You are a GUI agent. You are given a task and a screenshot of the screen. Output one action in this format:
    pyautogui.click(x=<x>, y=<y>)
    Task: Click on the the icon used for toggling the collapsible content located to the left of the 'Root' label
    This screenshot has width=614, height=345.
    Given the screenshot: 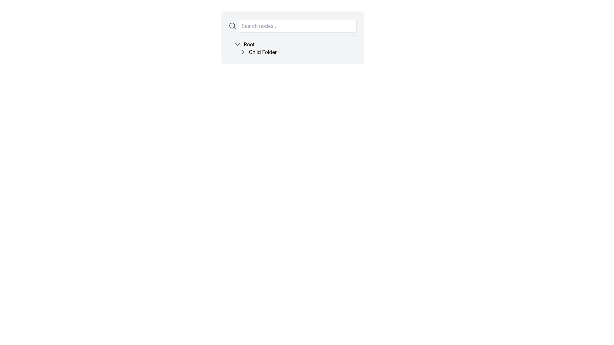 What is the action you would take?
    pyautogui.click(x=237, y=44)
    